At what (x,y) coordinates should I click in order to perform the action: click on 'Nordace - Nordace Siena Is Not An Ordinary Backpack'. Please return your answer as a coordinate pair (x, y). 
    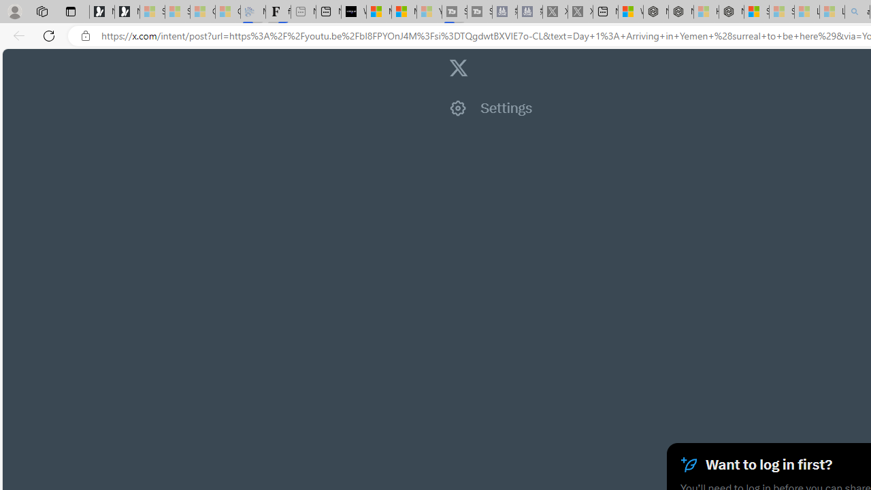
    Looking at the image, I should click on (731, 12).